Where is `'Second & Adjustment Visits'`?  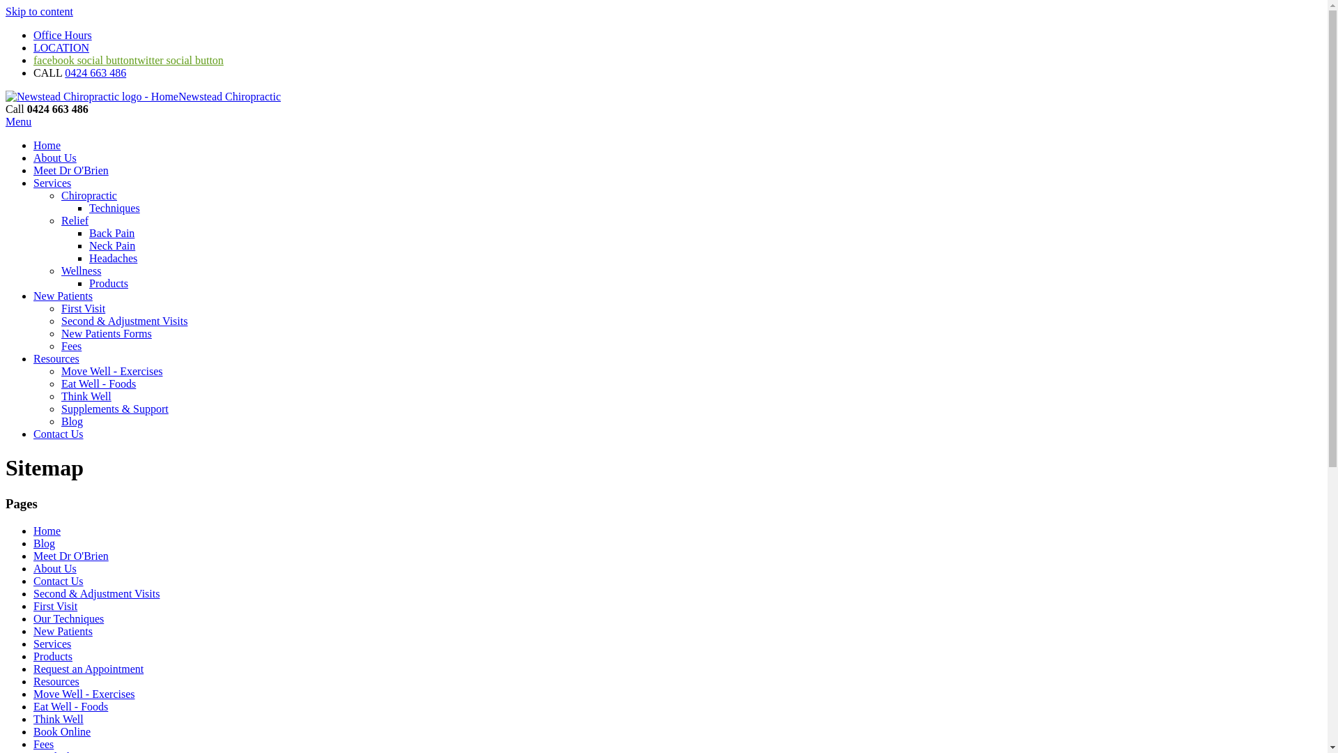 'Second & Adjustment Visits' is located at coordinates (124, 321).